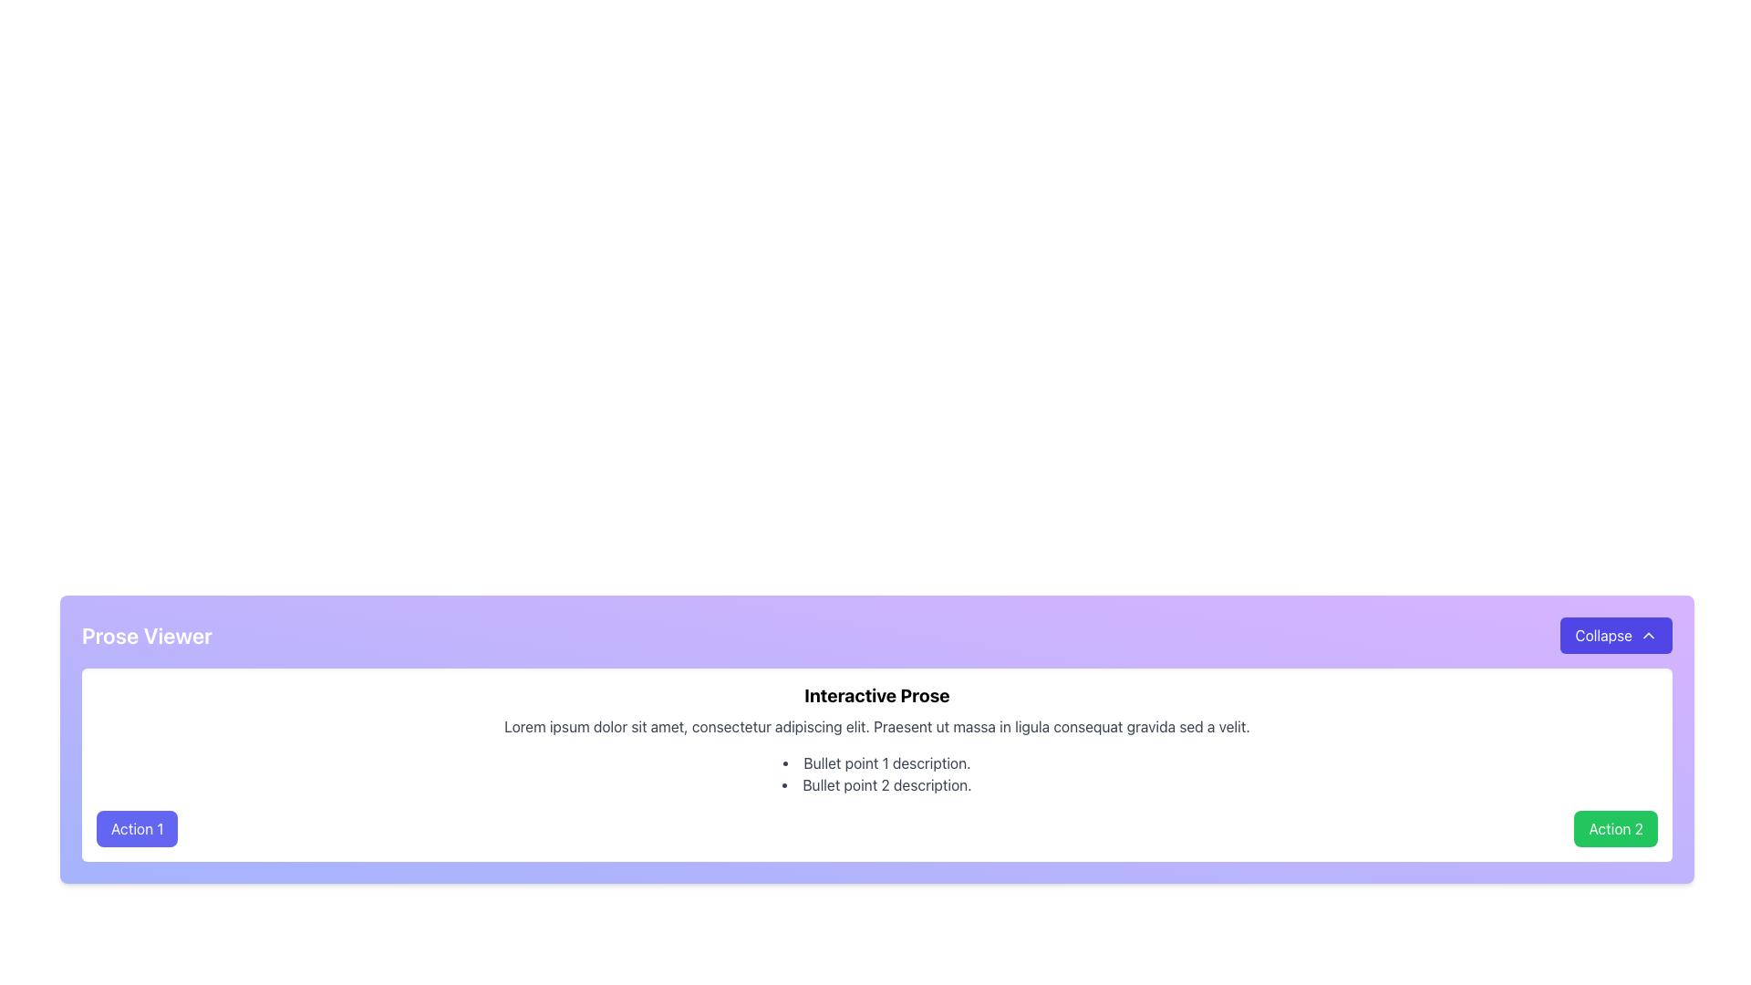 This screenshot has height=985, width=1751. What do you see at coordinates (876, 726) in the screenshot?
I see `the TextBlock containing light gray font, positioned below the 'Interactive Prose' title and above the bullet list` at bounding box center [876, 726].